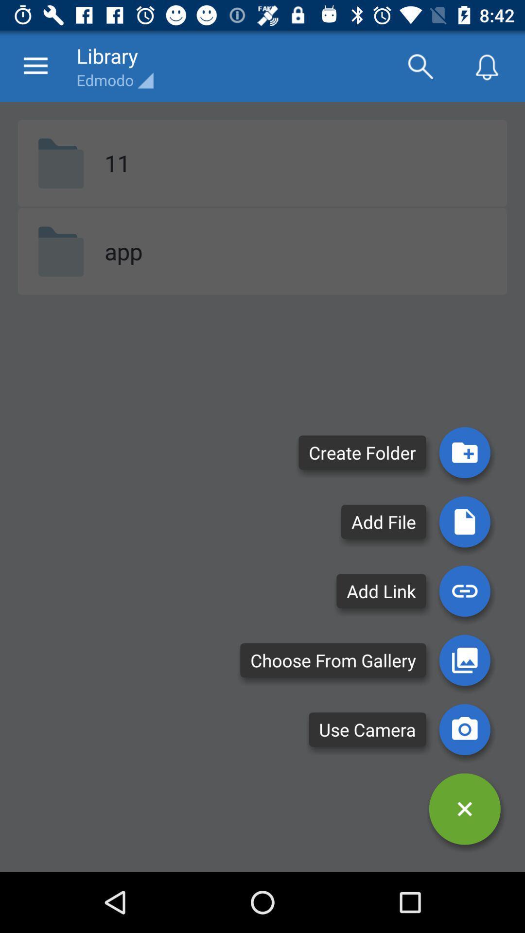  Describe the element at coordinates (464, 660) in the screenshot. I see `a photo from gallery` at that location.